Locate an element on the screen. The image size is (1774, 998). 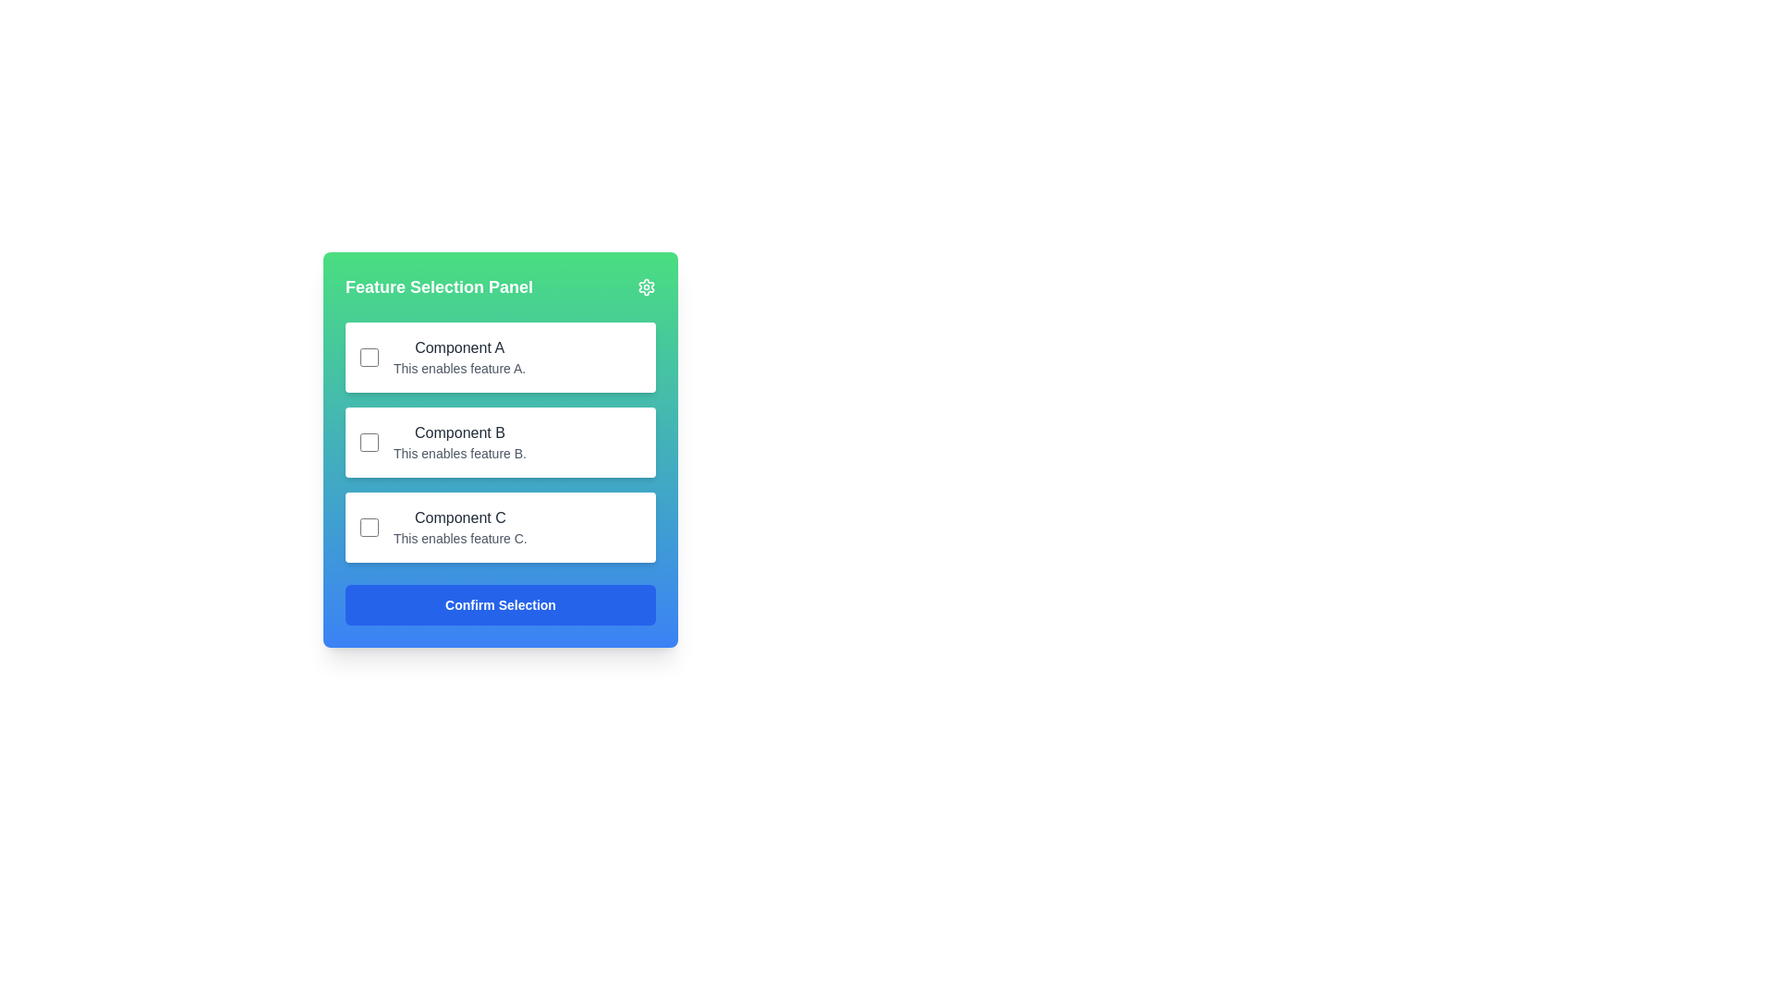
the settings icon (SVG) located at the upper-right corner of the 'Feature Selection Panel' is located at coordinates (647, 287).